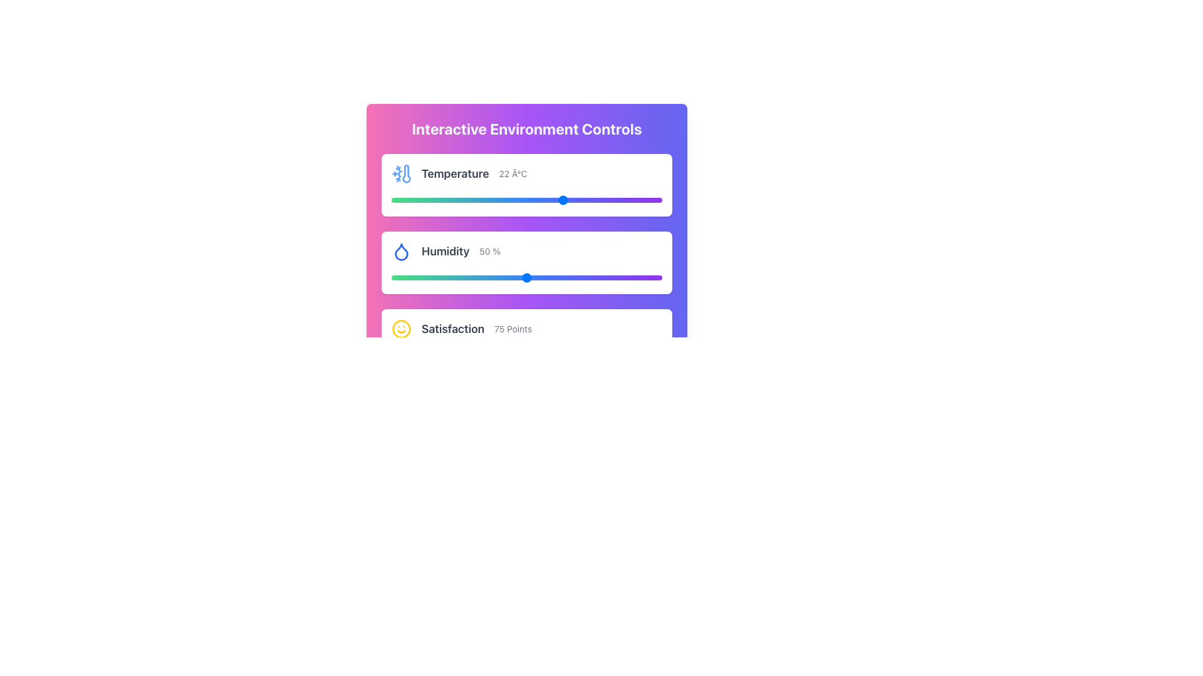 This screenshot has height=676, width=1203. I want to click on humidity, so click(546, 277).